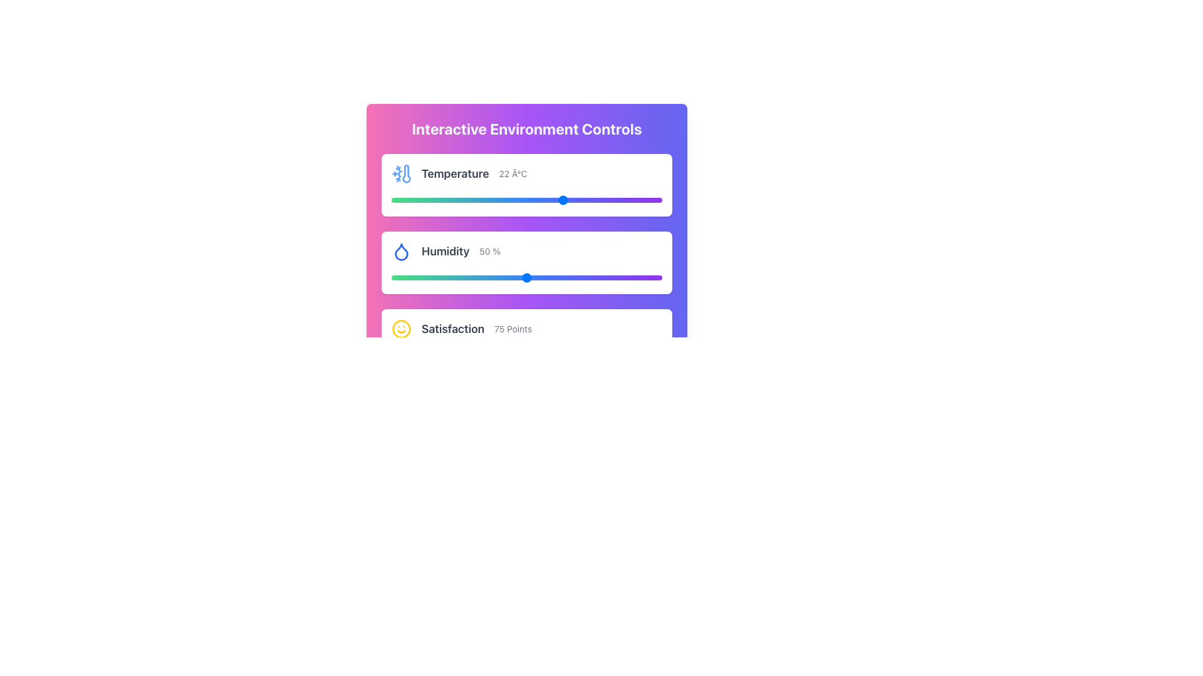 This screenshot has height=676, width=1203. I want to click on humidity, so click(546, 277).